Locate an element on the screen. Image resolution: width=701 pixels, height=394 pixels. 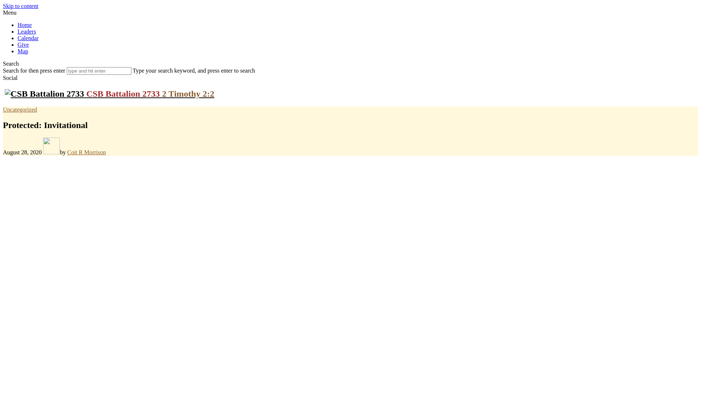
'Leaders' is located at coordinates (27, 31).